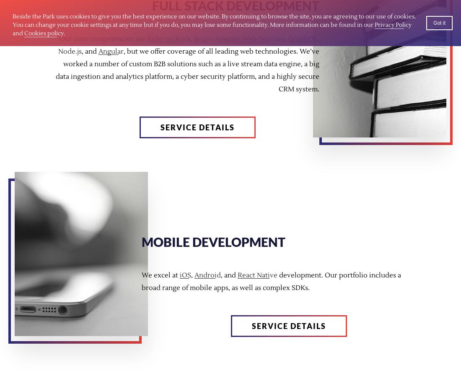 The width and height of the screenshot is (461, 373). I want to click on 'React', so click(203, 38).